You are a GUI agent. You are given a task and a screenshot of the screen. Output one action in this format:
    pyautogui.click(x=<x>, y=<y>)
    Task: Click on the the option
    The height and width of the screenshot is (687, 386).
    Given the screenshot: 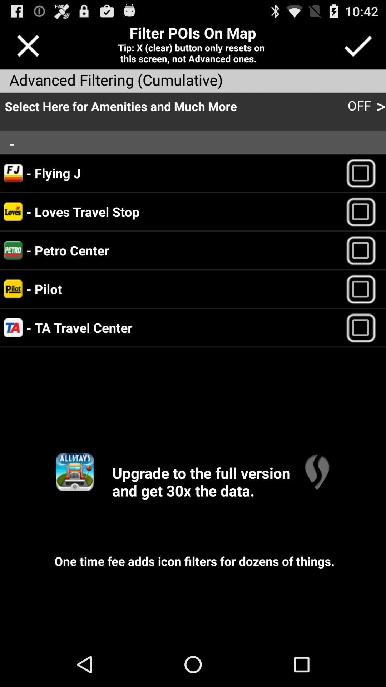 What is the action you would take?
    pyautogui.click(x=364, y=327)
    